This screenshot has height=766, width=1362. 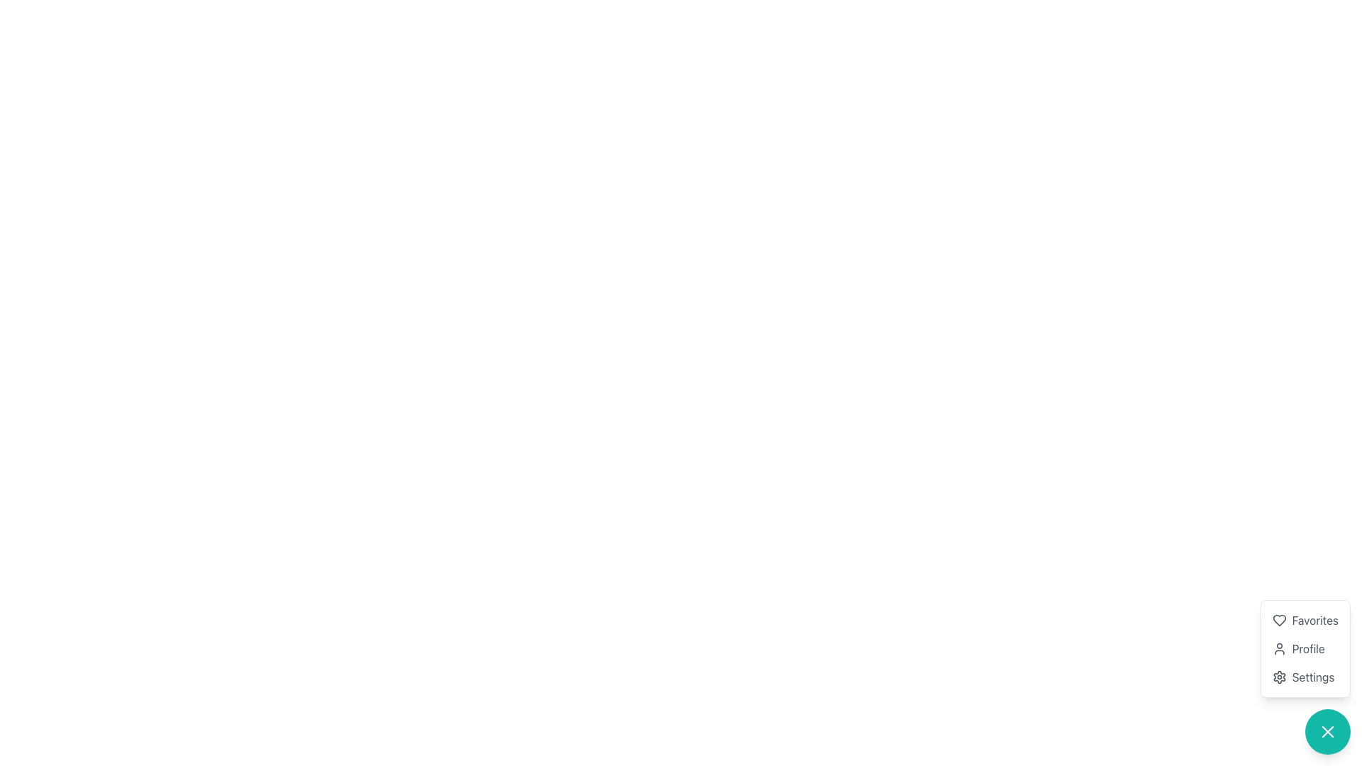 I want to click on the close button located at the bottom right corner of the interface to scale it, so click(x=1327, y=732).